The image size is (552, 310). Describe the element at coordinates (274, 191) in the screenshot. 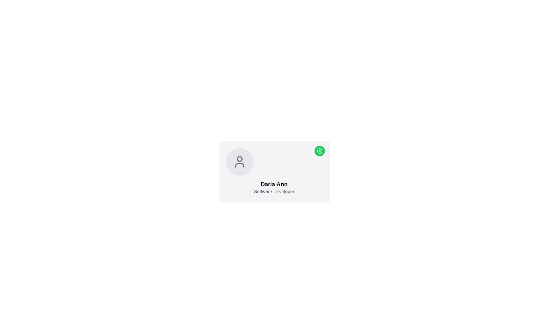

I see `the static text displaying 'Software Developer' in gray font, located below 'Daria Ann'` at that location.